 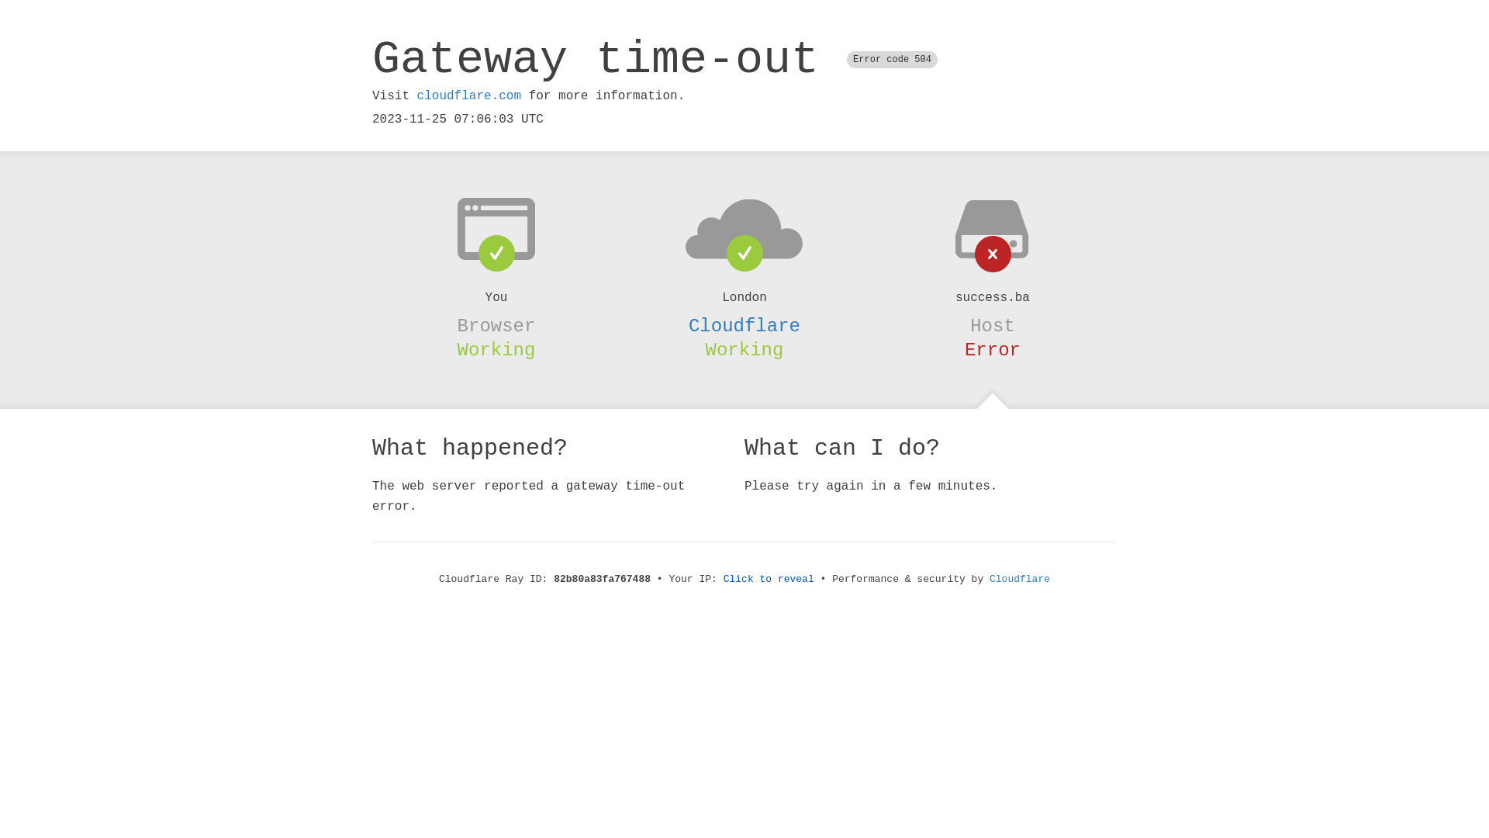 What do you see at coordinates (688, 325) in the screenshot?
I see `'Cloudflare'` at bounding box center [688, 325].